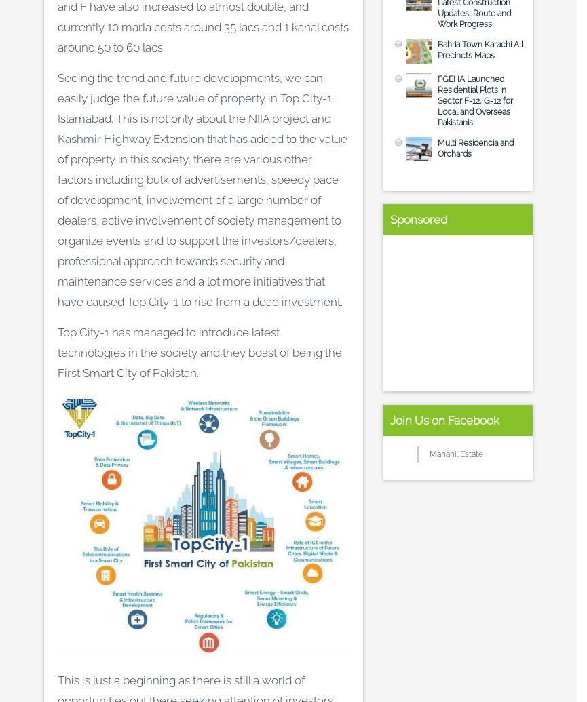  I want to click on 'Bahria Town Karachi All Precincts Maps', so click(436, 50).